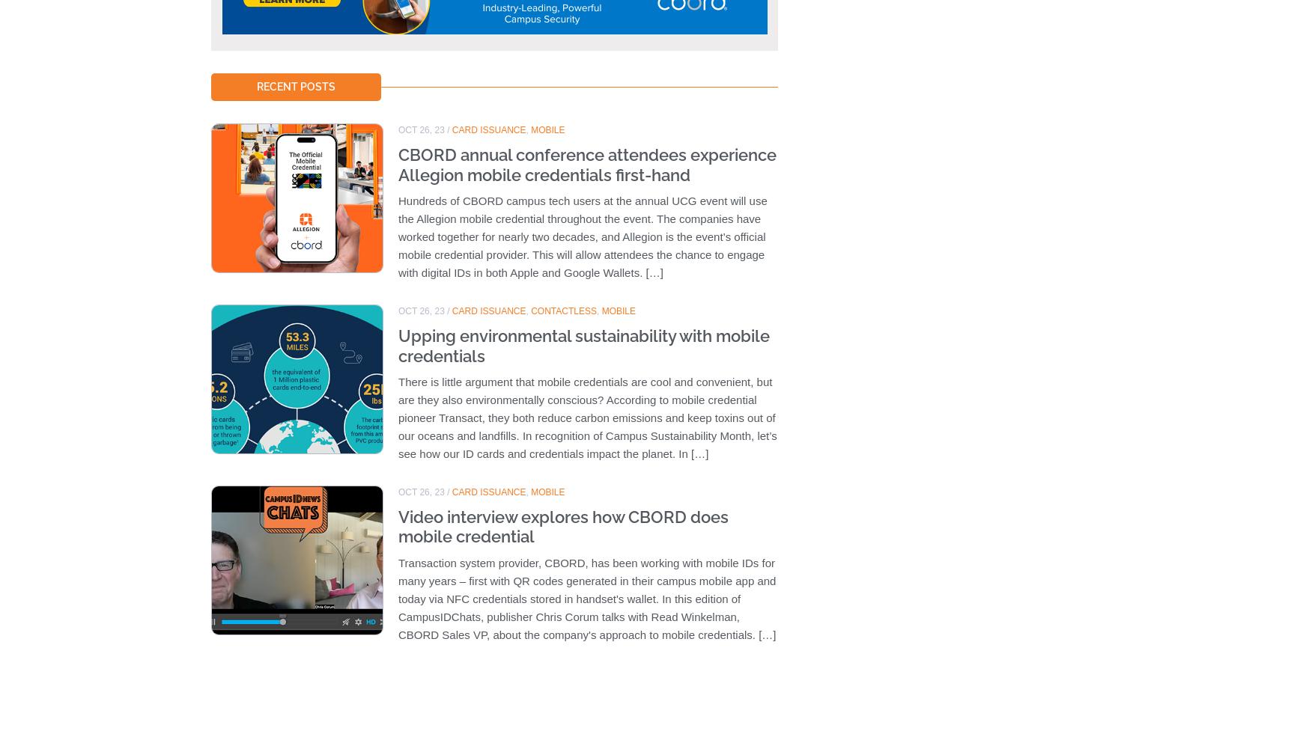 The height and width of the screenshot is (737, 1291). Describe the element at coordinates (583, 344) in the screenshot. I see `'Upping environmental sustainability with mobile credentials'` at that location.